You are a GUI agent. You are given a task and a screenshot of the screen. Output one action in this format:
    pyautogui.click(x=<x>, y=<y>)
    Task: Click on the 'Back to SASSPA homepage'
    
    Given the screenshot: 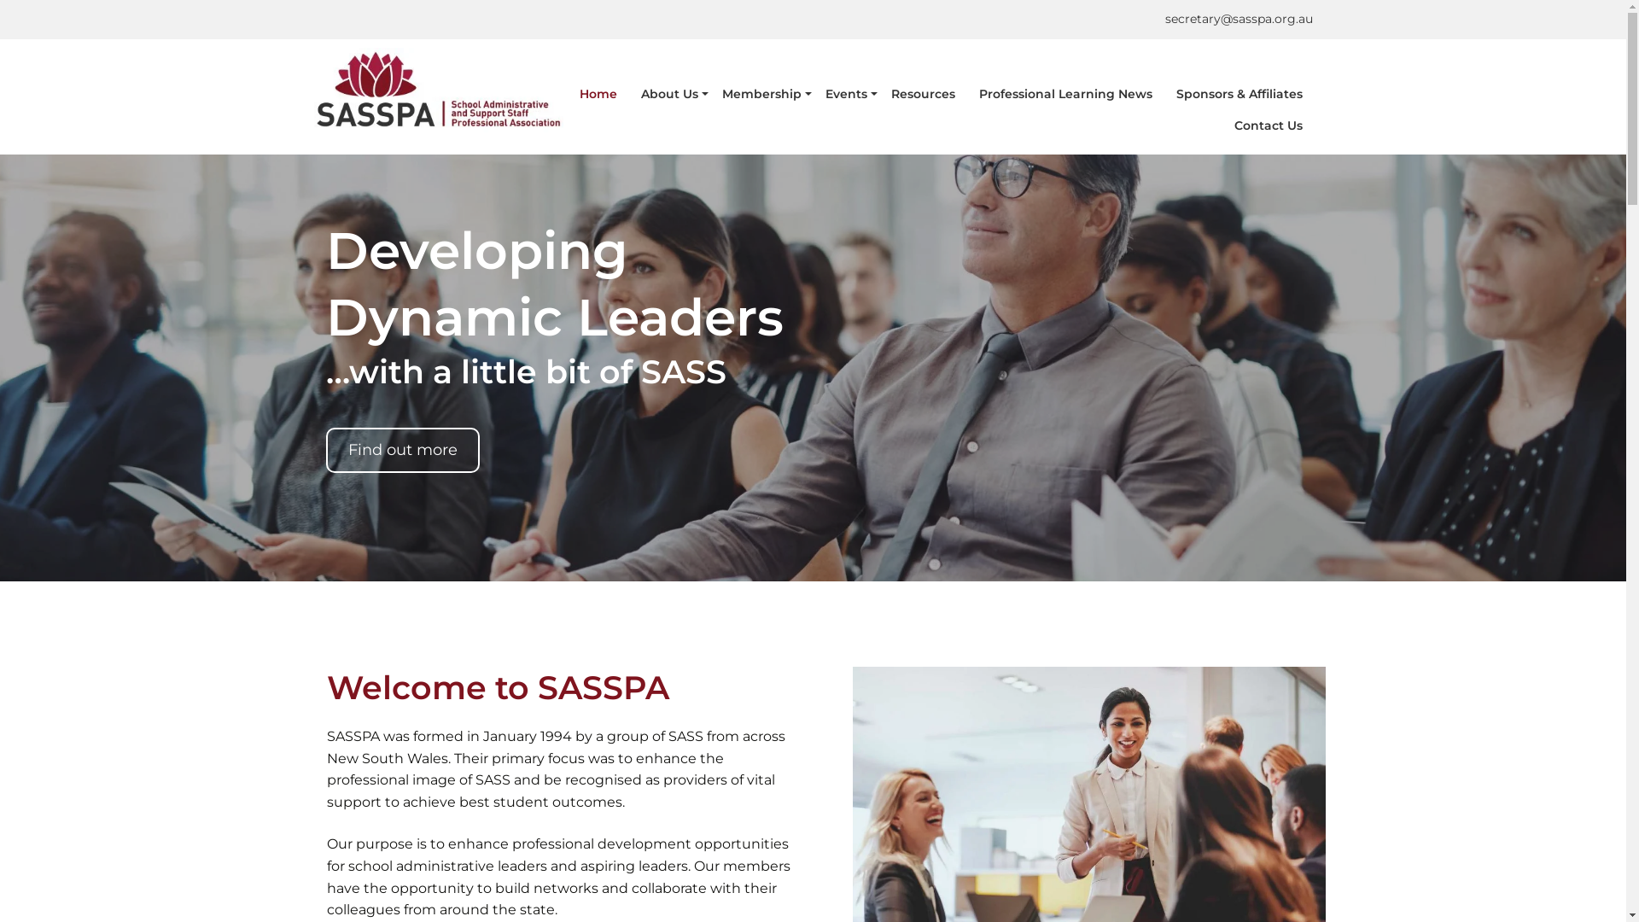 What is the action you would take?
    pyautogui.click(x=439, y=90)
    